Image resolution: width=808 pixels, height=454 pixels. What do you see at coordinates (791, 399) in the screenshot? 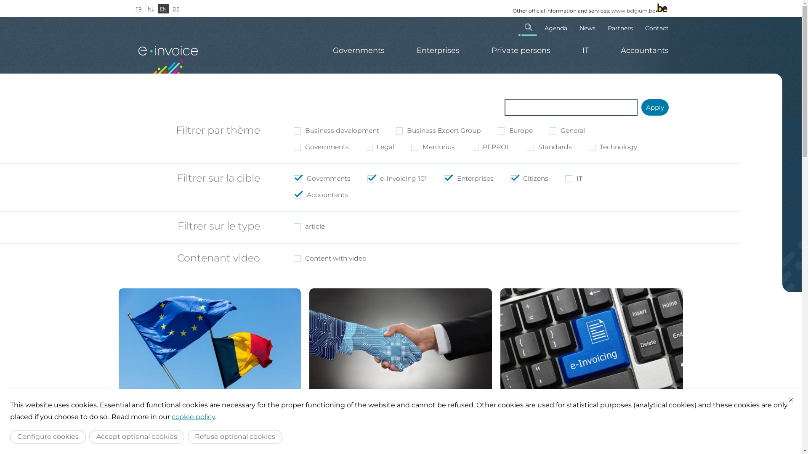
I see `'Close'` at bounding box center [791, 399].